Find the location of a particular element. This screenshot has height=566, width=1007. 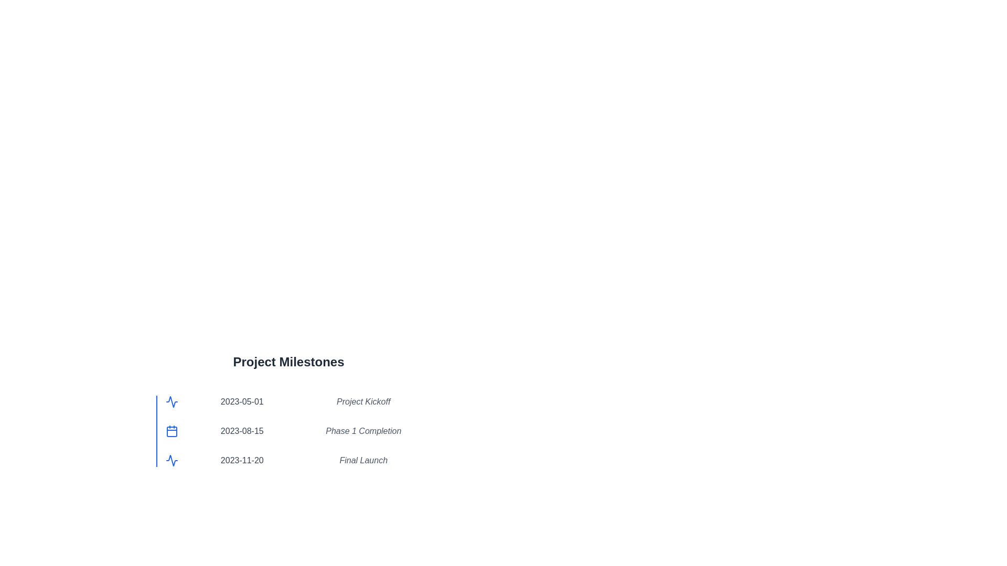

the Scrollable Information Panel that displays 'Project Milestones' with a white background, located towards the lower middle section of the interface is located at coordinates (288, 424).